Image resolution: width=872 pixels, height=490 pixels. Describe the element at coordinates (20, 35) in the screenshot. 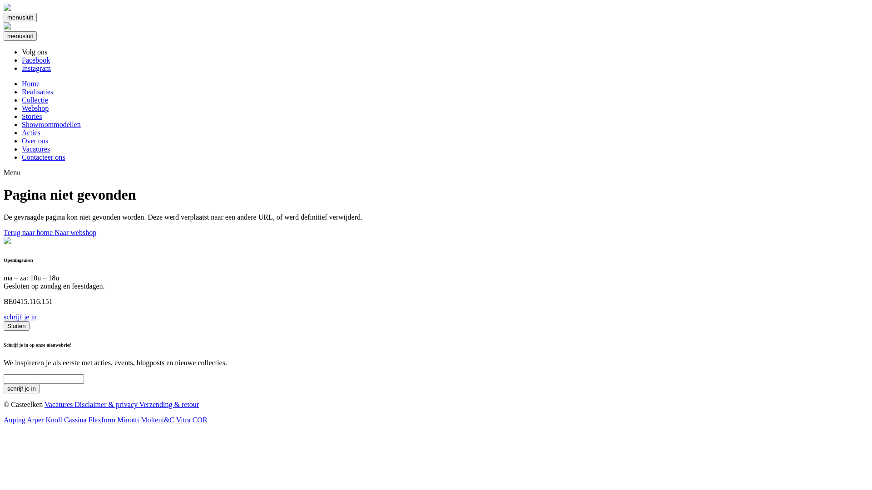

I see `'menusluit'` at that location.